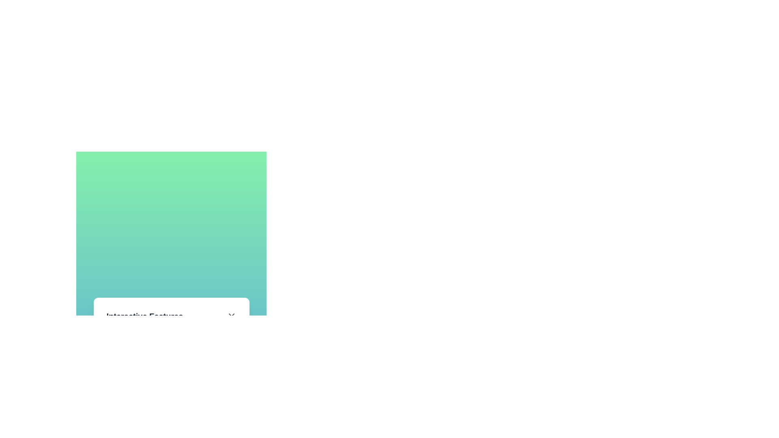 Image resolution: width=779 pixels, height=438 pixels. What do you see at coordinates (144, 316) in the screenshot?
I see `the text label displaying 'Interactive Features' styled in bold, dark gray font, located at the lower part of the section with a gradient background` at bounding box center [144, 316].